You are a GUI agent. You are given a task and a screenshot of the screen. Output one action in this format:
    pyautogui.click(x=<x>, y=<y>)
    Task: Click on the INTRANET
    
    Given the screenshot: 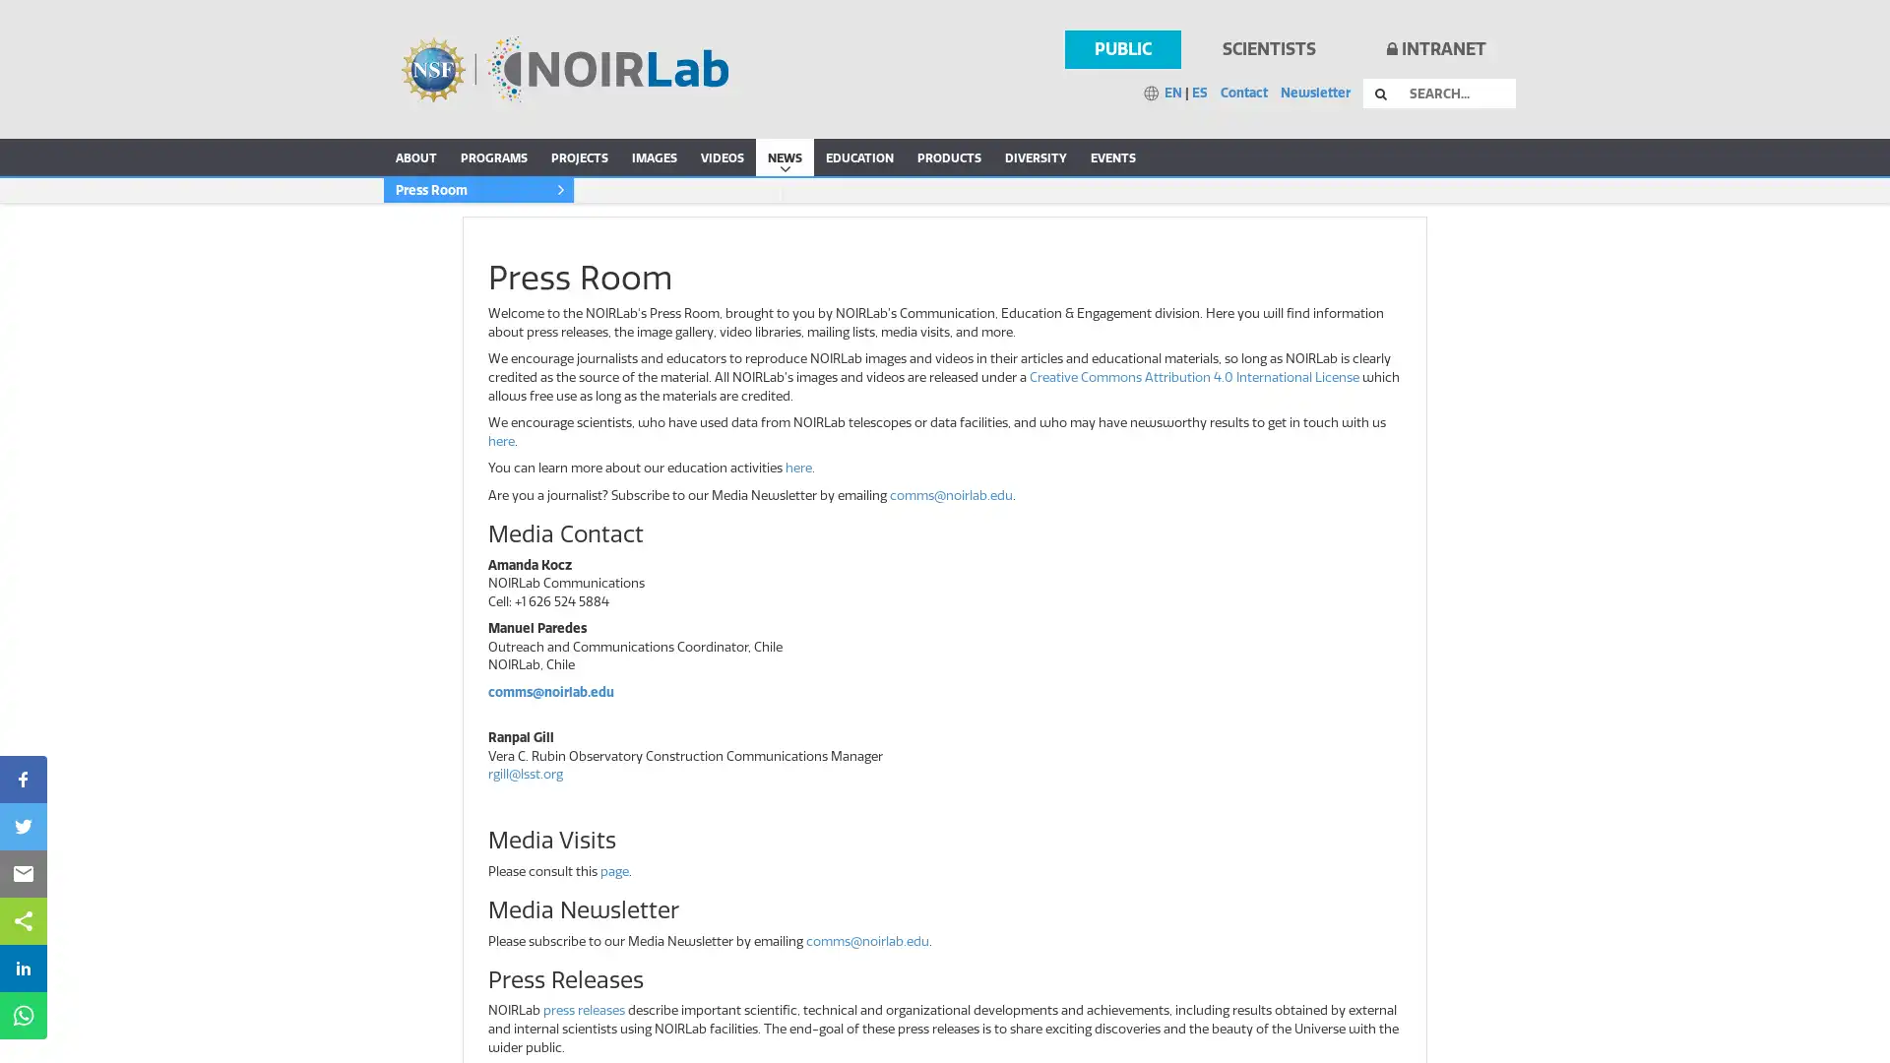 What is the action you would take?
    pyautogui.click(x=1435, y=48)
    